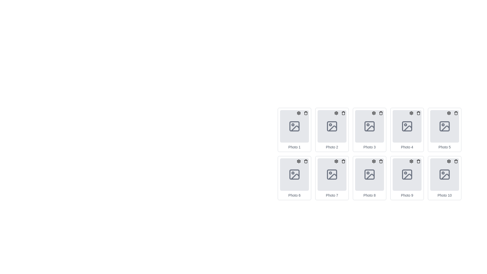  I want to click on the Image placeholder box located at the top-left corner of the grid layout, which serves as a placeholder for a photo or image, so click(294, 130).